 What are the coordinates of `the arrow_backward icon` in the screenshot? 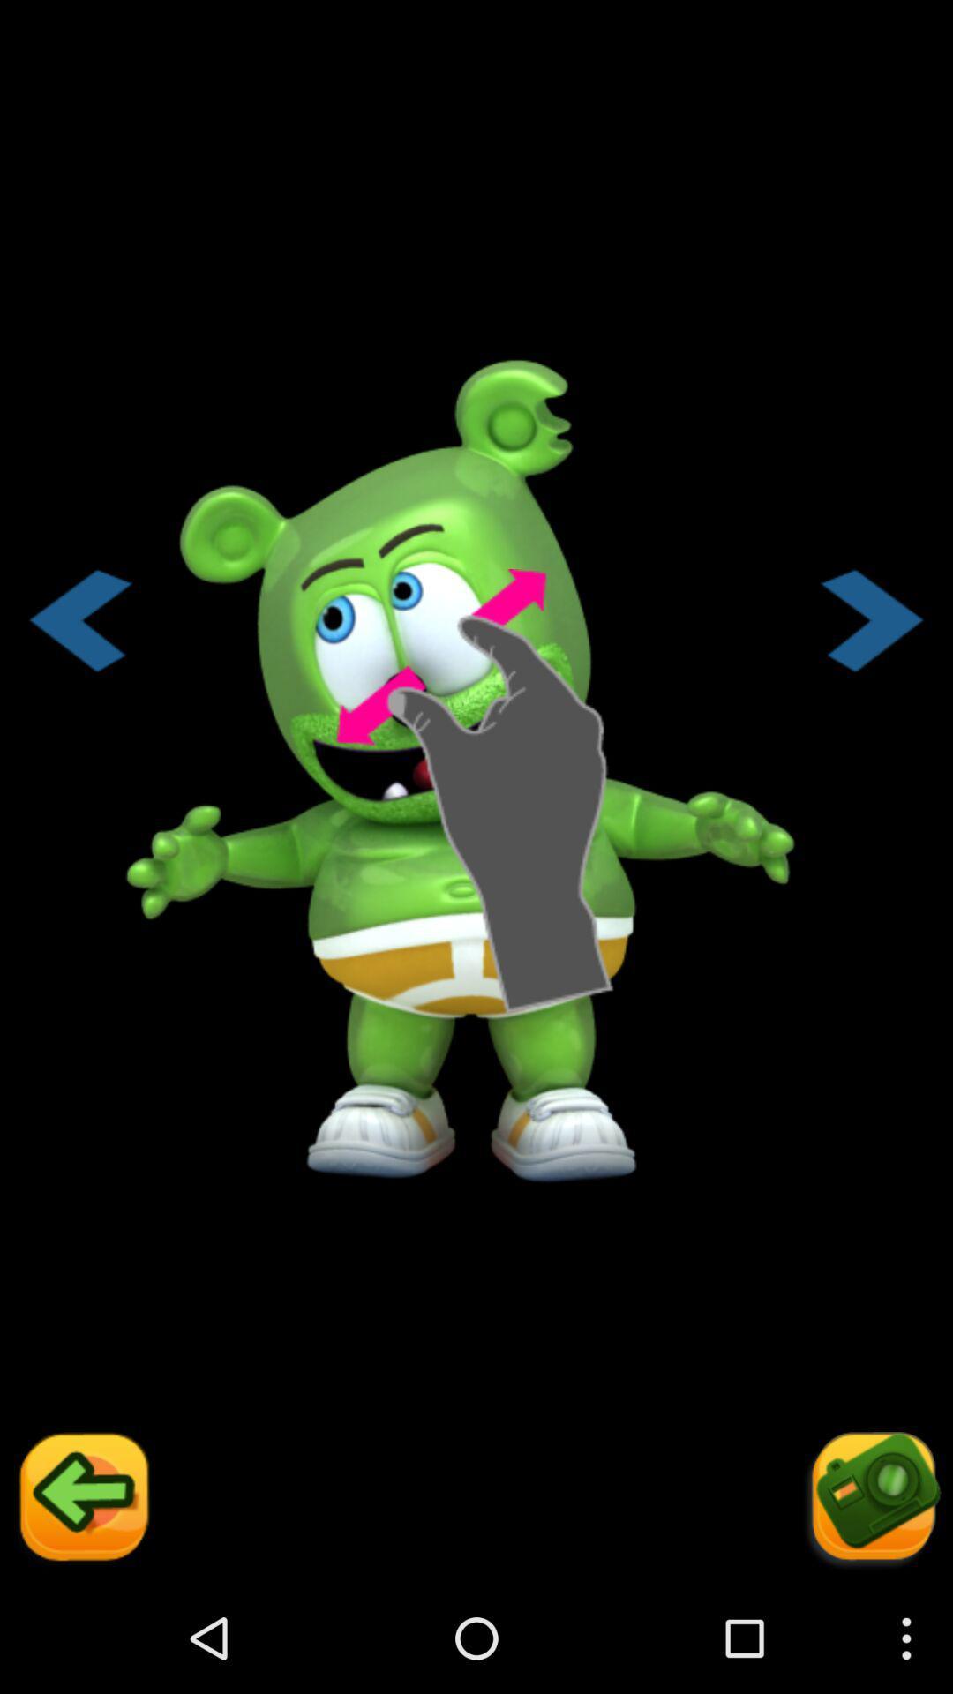 It's located at (81, 1607).